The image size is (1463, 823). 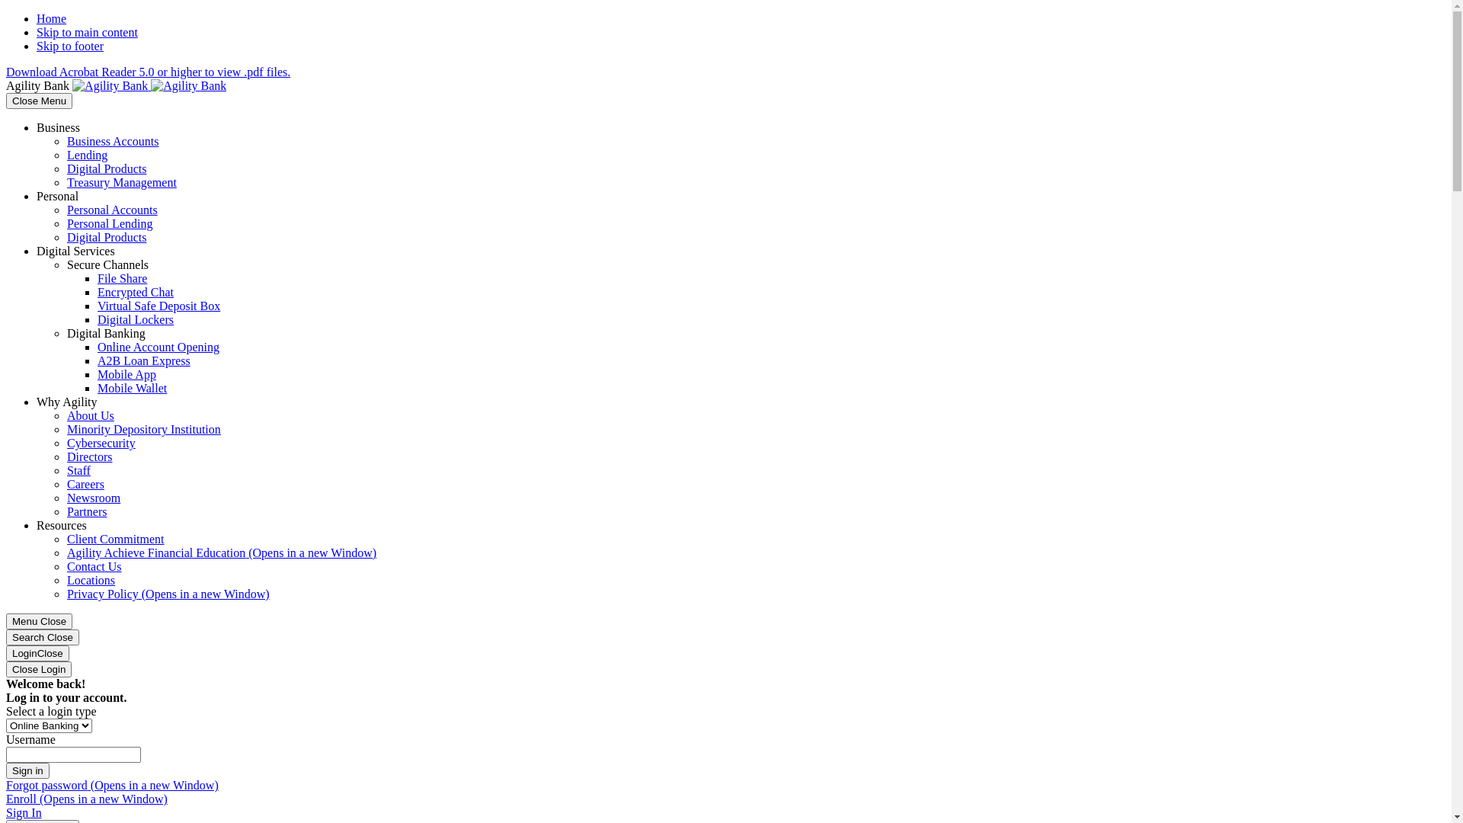 What do you see at coordinates (43, 637) in the screenshot?
I see `'Search Close'` at bounding box center [43, 637].